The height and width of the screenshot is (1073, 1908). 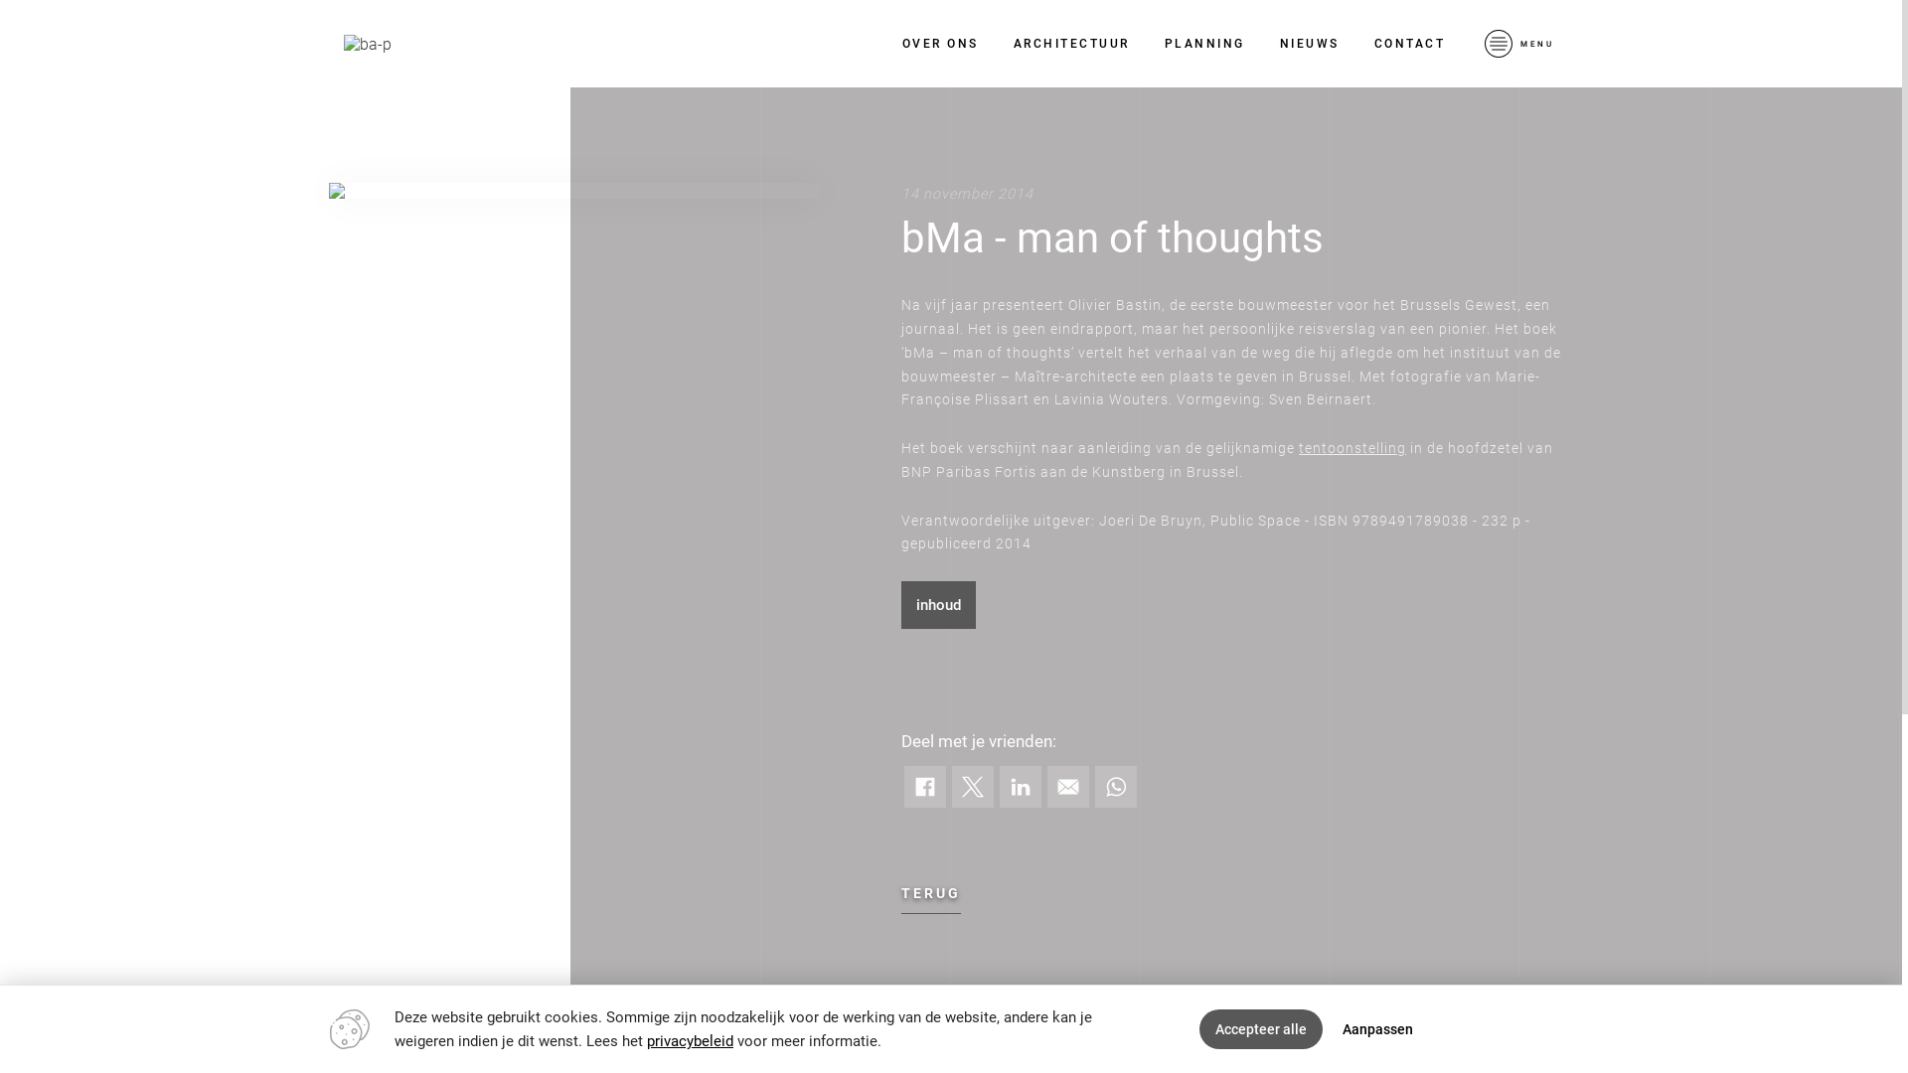 I want to click on 'PLANNING', so click(x=1203, y=43).